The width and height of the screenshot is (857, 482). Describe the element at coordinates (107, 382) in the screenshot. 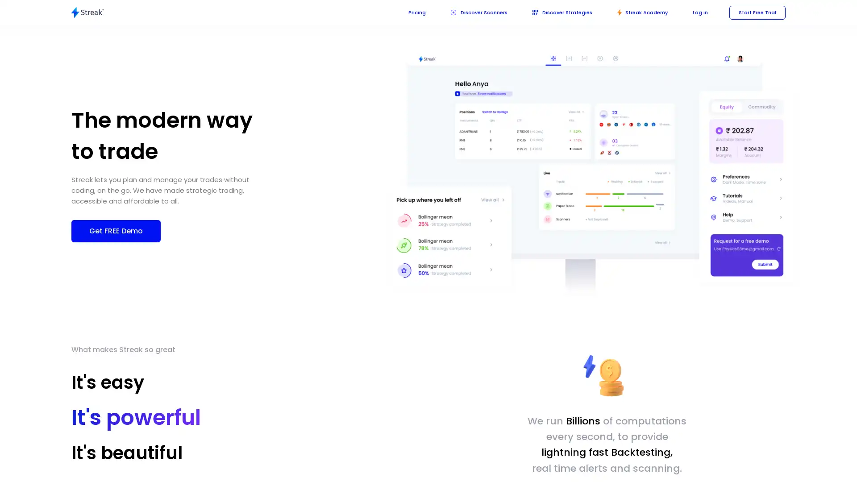

I see `It's easy` at that location.